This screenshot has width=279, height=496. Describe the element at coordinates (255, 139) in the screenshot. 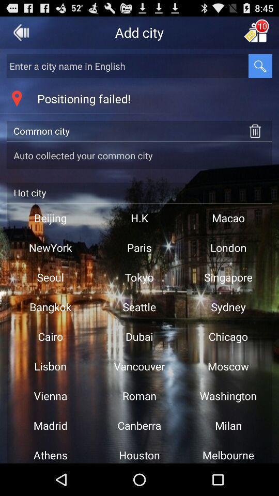

I see `the delete icon` at that location.